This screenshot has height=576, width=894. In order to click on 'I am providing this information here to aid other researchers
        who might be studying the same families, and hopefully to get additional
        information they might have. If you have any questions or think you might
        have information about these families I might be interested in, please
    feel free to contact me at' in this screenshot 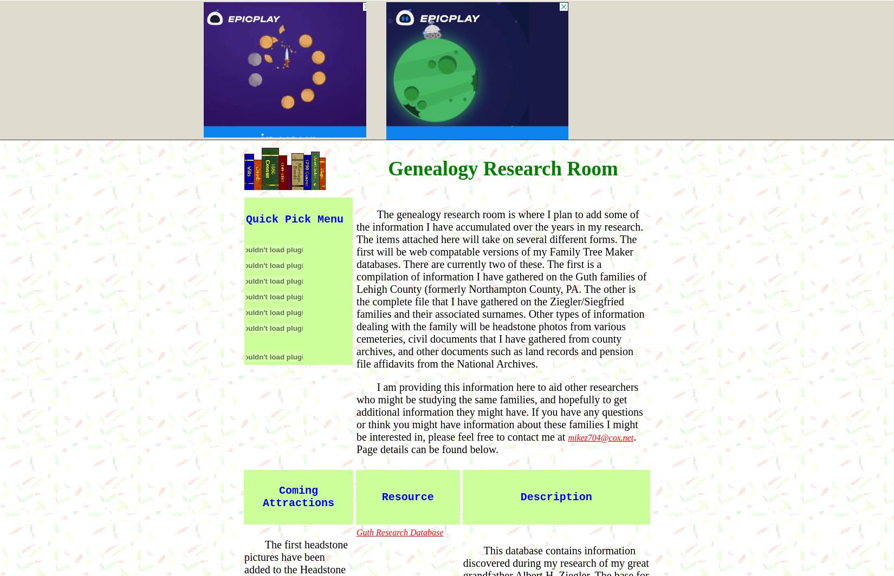, I will do `click(500, 411)`.